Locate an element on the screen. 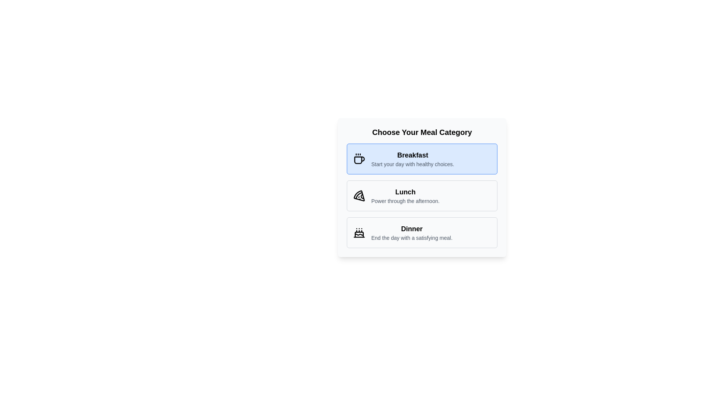 The width and height of the screenshot is (723, 406). the second Button-like option within the meal category card, which allows users to select 'Lunch' is located at coordinates (422, 187).